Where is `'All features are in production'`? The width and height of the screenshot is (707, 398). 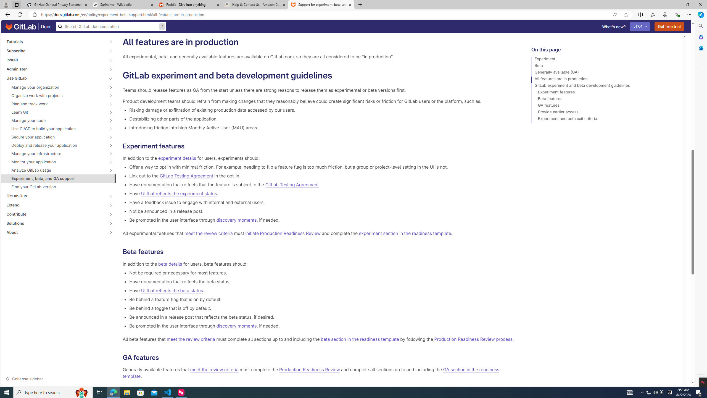 'All features are in production' is located at coordinates (604, 79).